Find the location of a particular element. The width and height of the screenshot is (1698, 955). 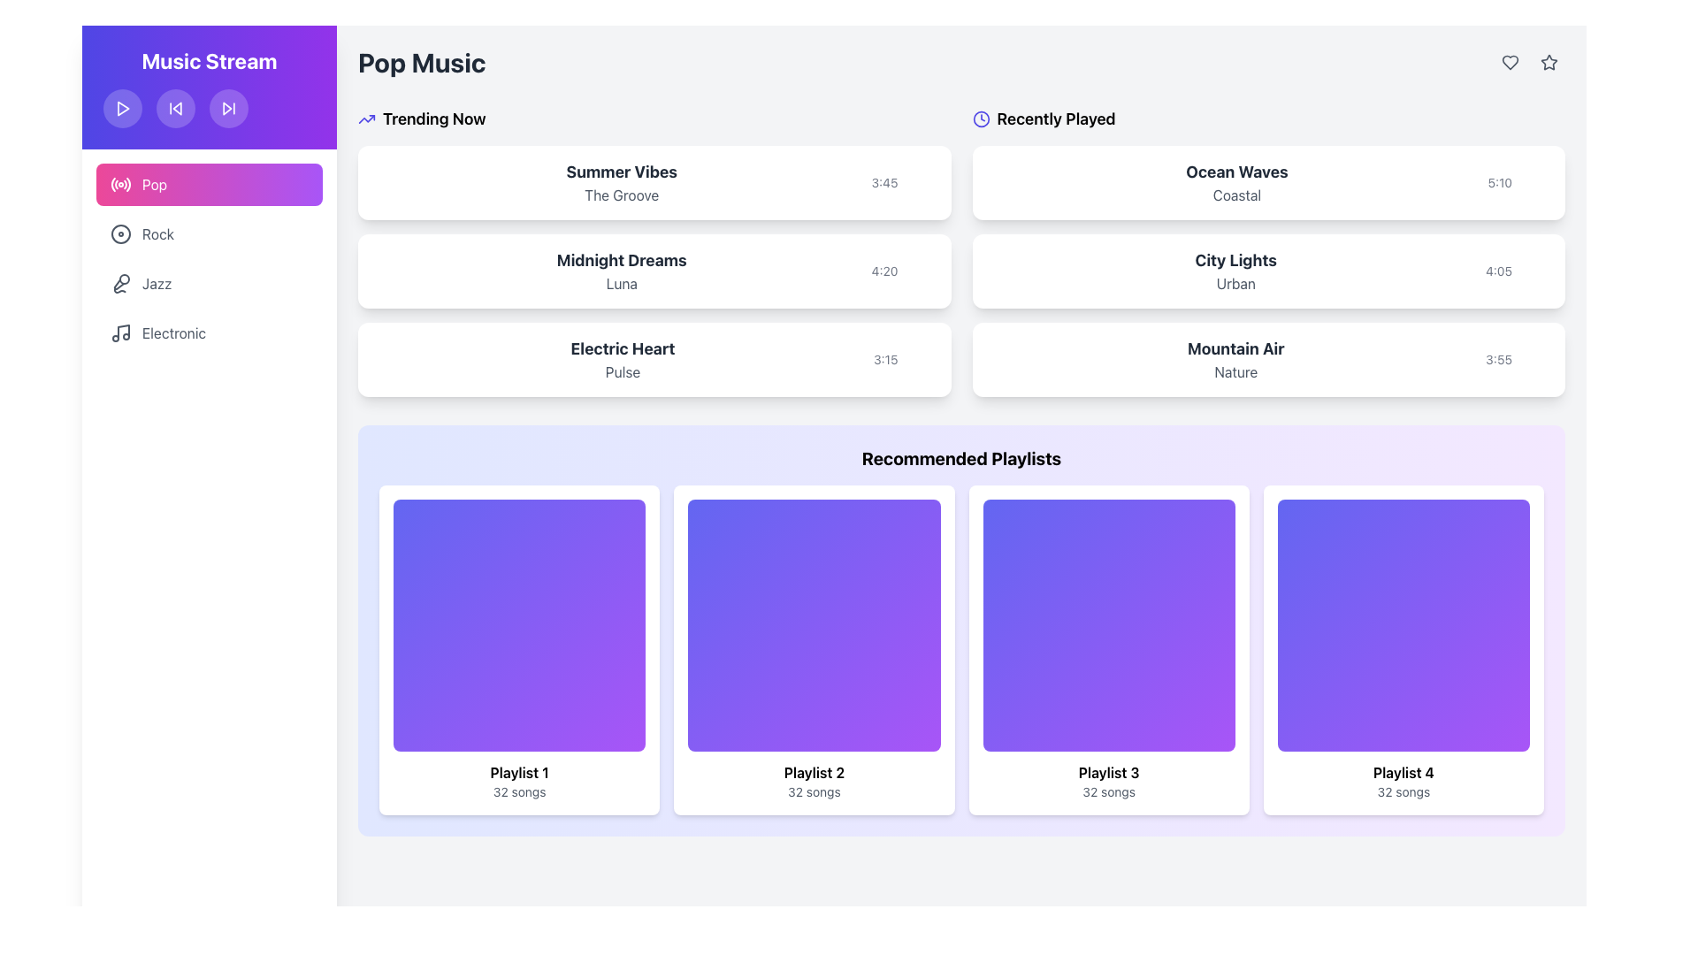

the clock icon that represents the 'Recently Played' section, located to the left of the 'Recently Played' text in the top-right section of the interface is located at coordinates (980, 119).